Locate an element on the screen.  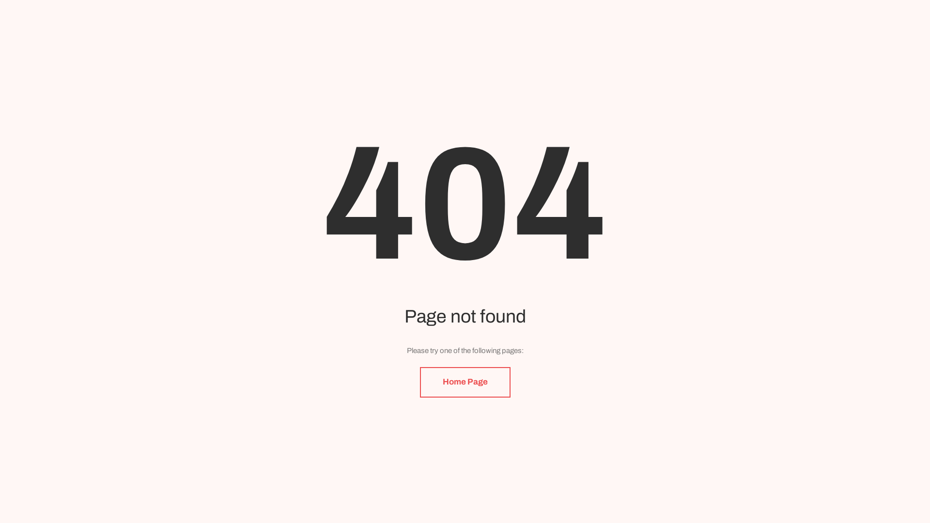
'Home Page' is located at coordinates (464, 382).